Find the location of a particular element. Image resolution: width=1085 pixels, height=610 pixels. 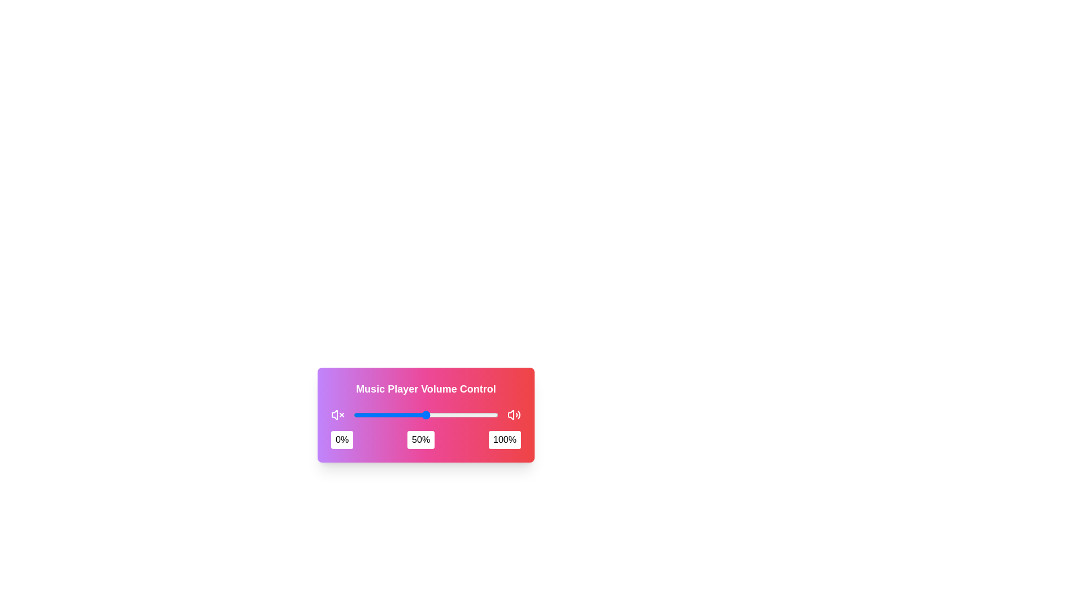

the slider to set the volume to 57% is located at coordinates (435, 415).